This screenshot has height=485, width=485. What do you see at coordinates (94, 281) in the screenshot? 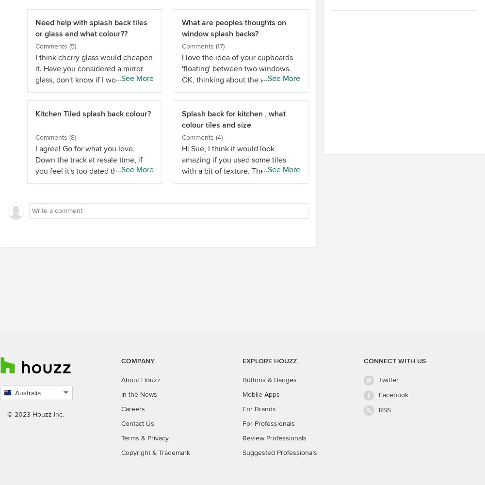
I see `'I agree! Go for what you love. Down the track at resale time, if you feel it's too dated then, there are many splash back materials that can be applied right over top of tile.  Is it just the area behind the cook top that will be tiled? I think anything will feel like &quot;too much&quot; at first if you've become accustomed to how it currently is. It's like when you paint a room. It can feel overwhelming at first until you begin to put furniture and decor back in place. A simple way to trial colours is to tack up some wrapping paper, fabric, contact paper (backing left on) or whatever you find that has a colour you think could work. Try use things with different sheen/gloss. Even paint a board and prop it there. Leave for a few hours and see what does and doesn't work for you.'` at bounding box center [94, 281].